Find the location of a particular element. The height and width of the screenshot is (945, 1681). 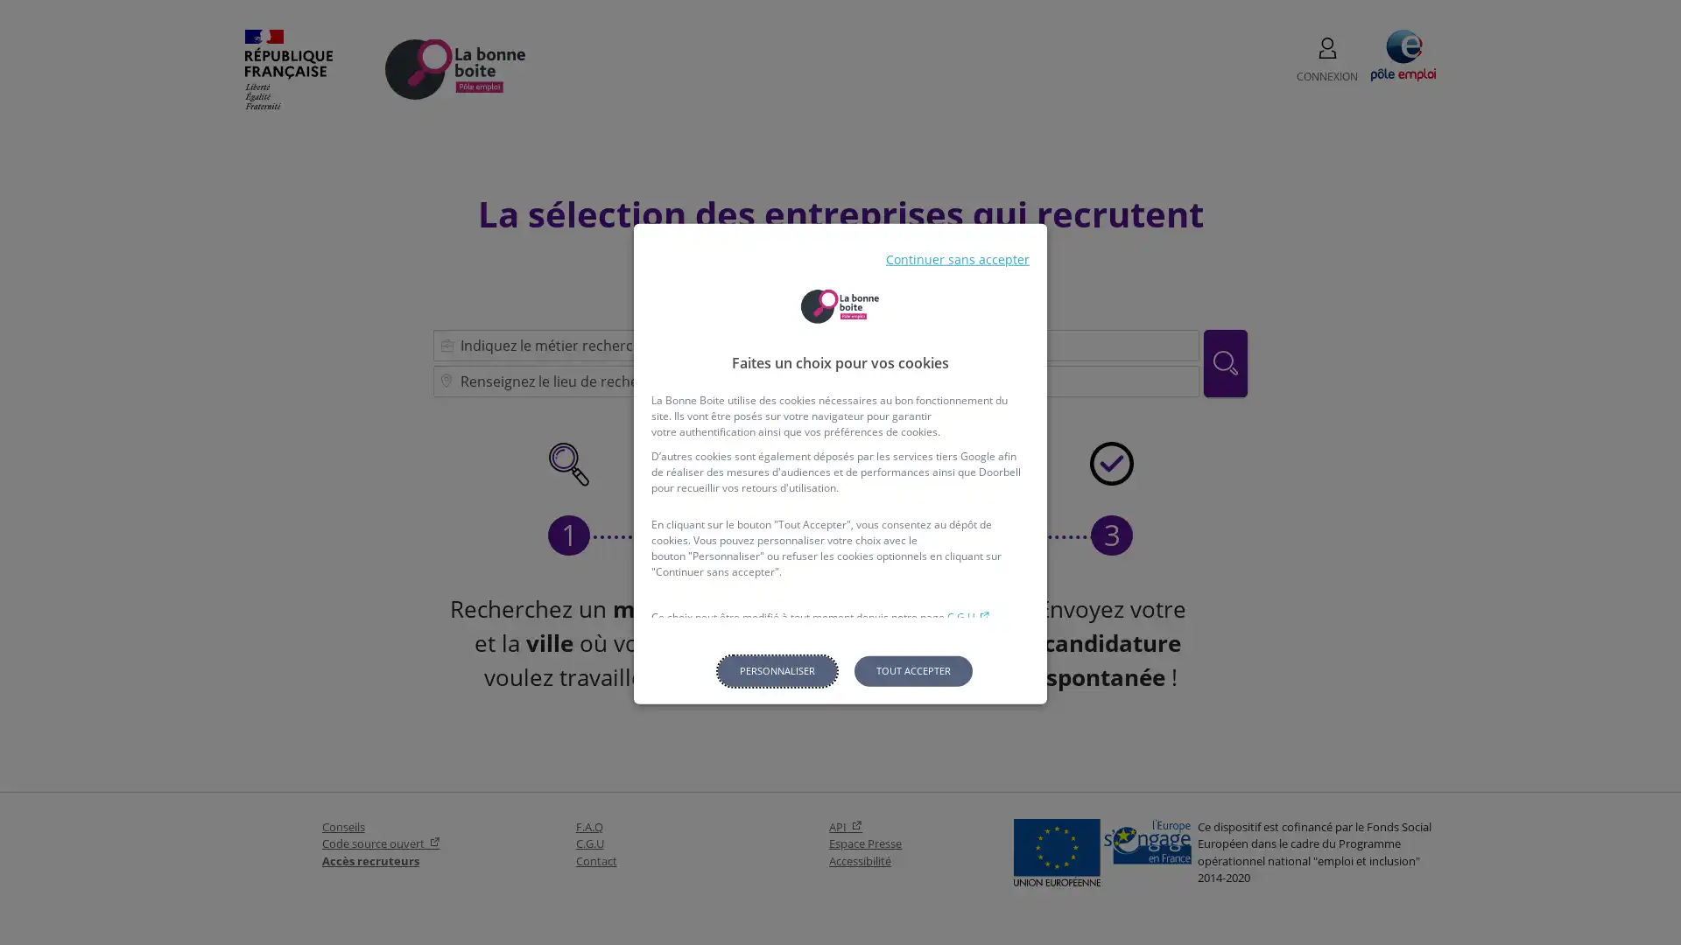

CONNEXION is located at coordinates (1327, 59).